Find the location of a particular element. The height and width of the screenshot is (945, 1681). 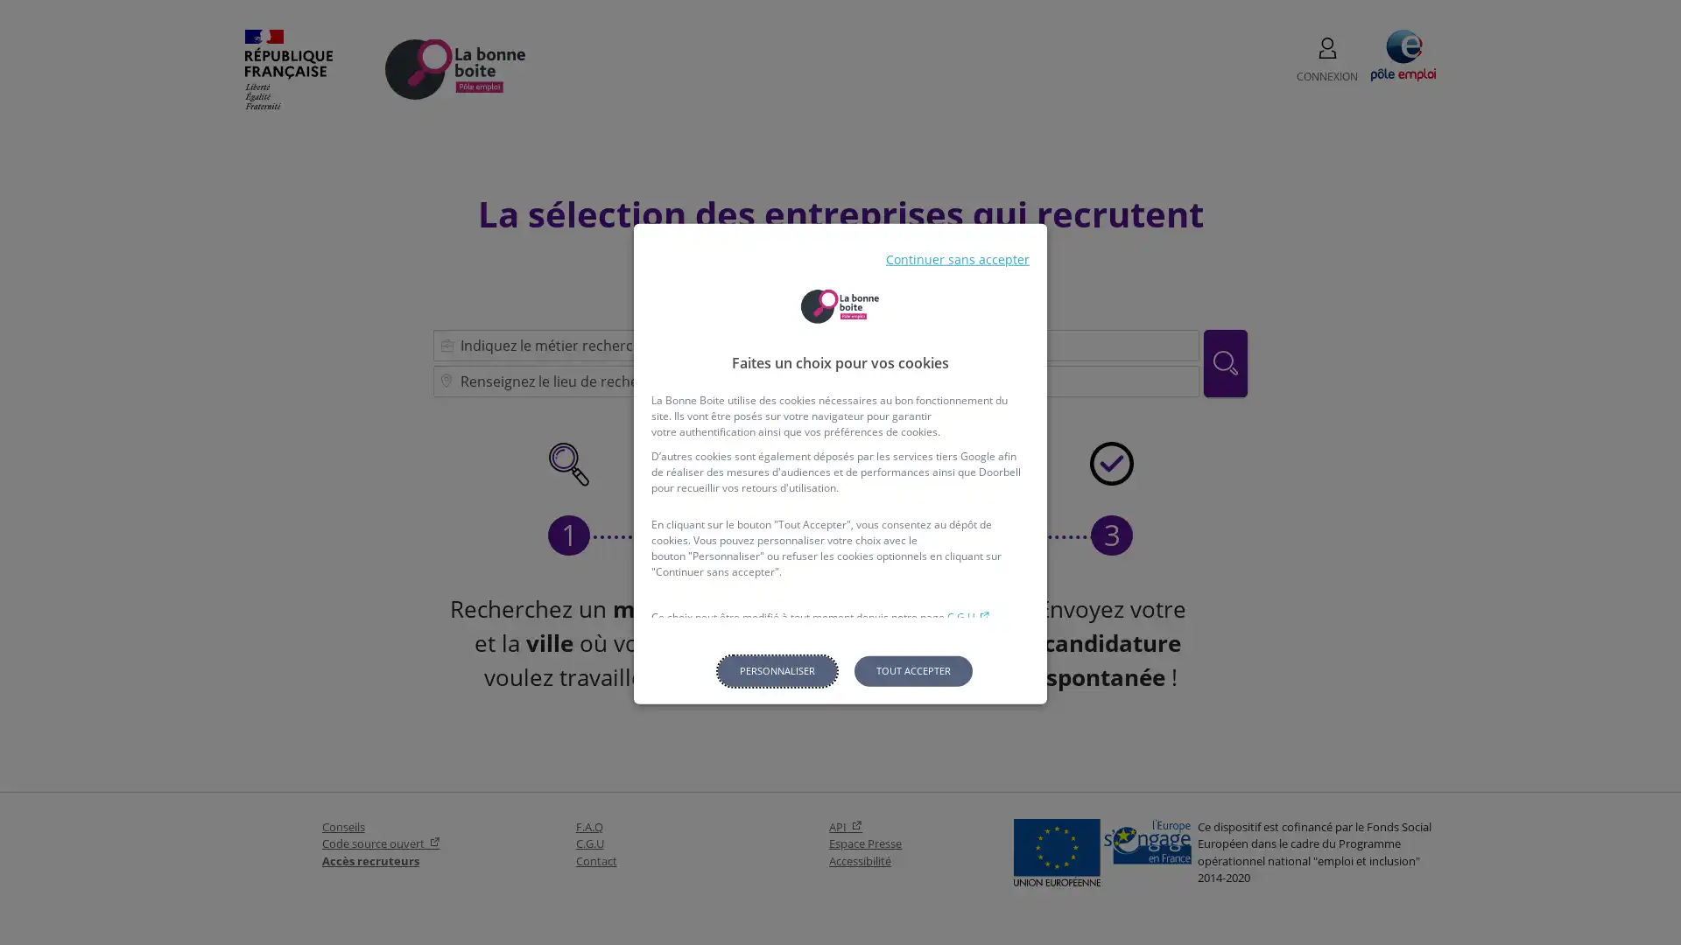

CONNEXION is located at coordinates (1327, 59).